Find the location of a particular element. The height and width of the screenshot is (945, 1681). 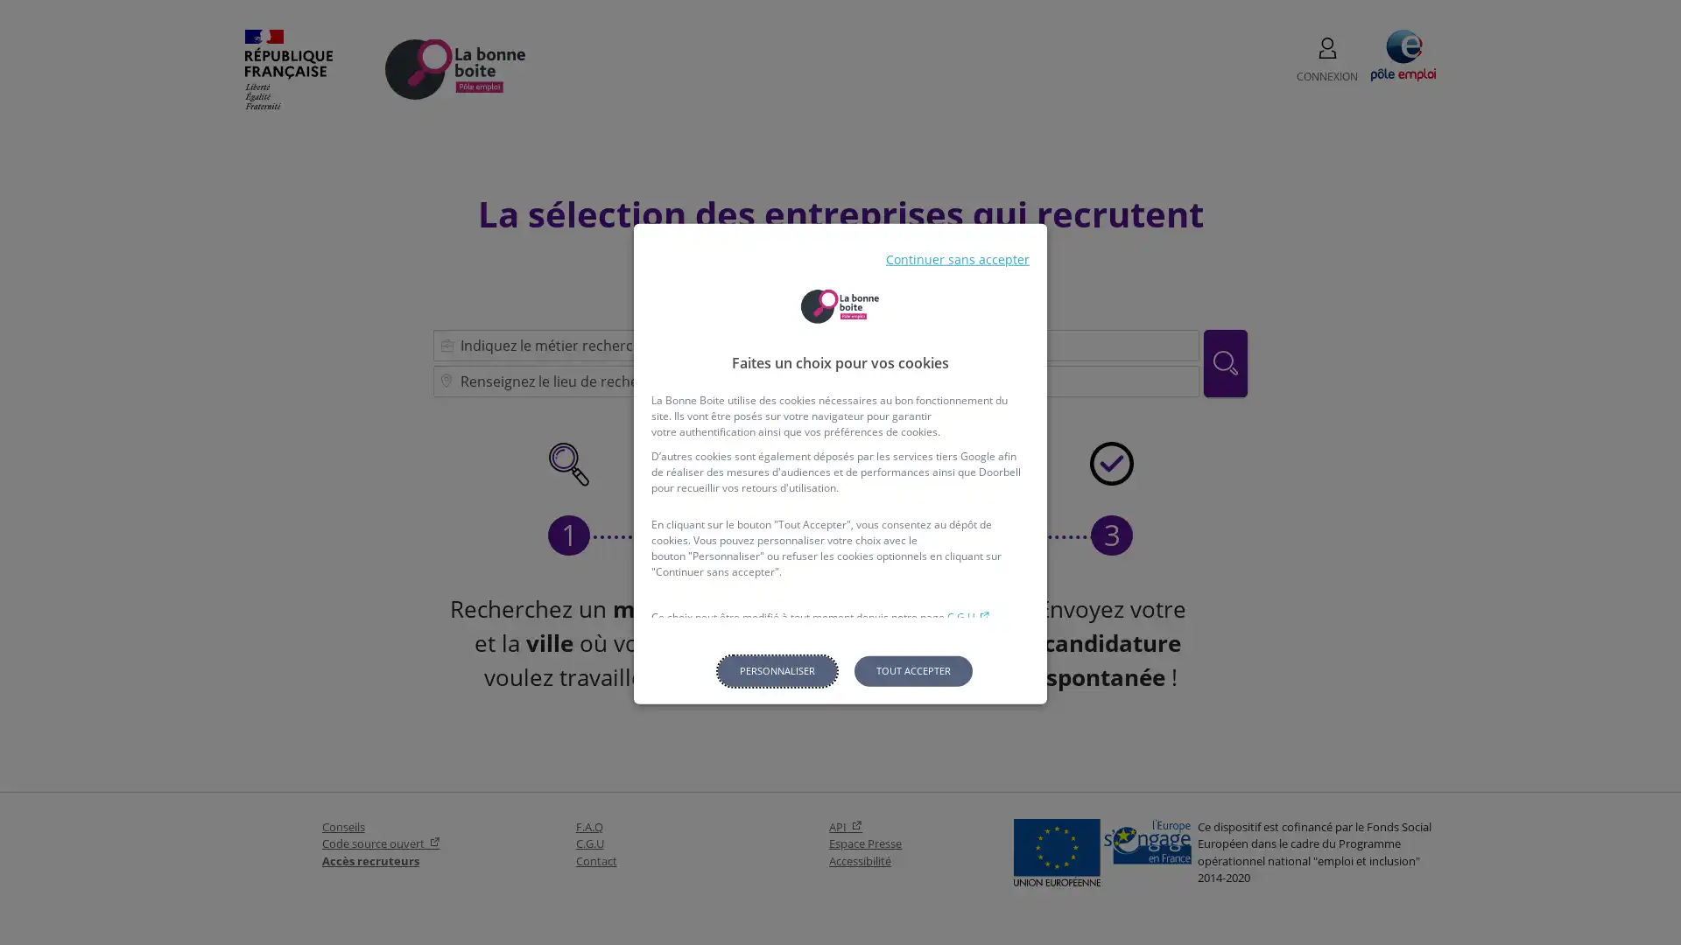

CONNEXION is located at coordinates (1327, 59).